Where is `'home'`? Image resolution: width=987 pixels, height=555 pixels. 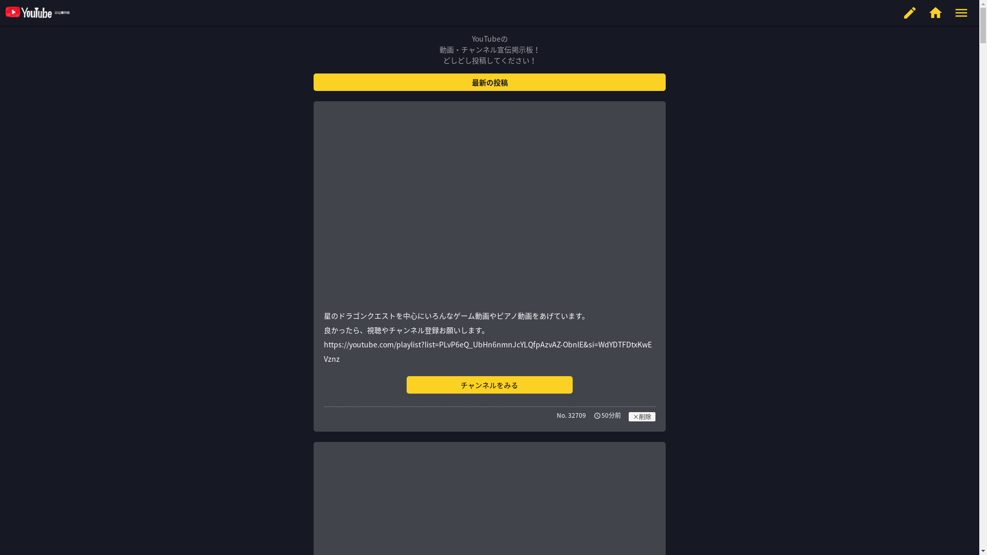
'home' is located at coordinates (935, 12).